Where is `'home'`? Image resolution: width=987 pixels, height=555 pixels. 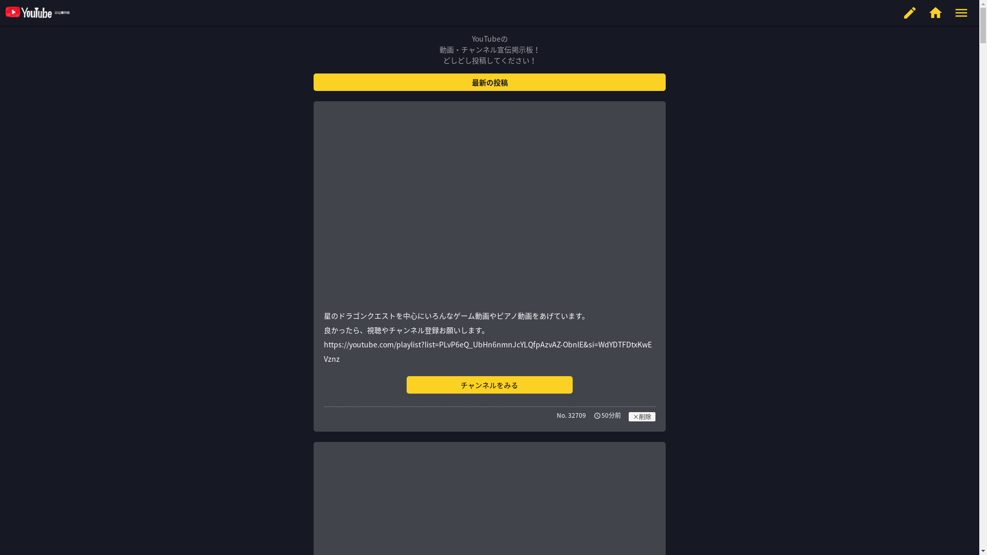
'home' is located at coordinates (935, 12).